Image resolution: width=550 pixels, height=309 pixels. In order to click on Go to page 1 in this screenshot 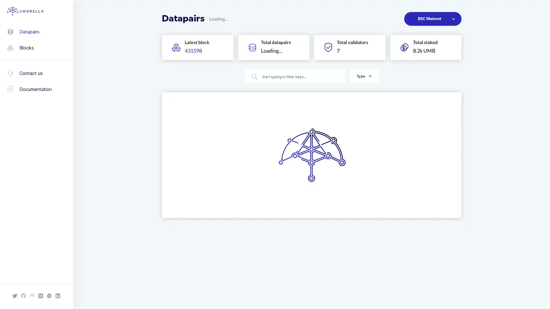, I will do `click(184, 206)`.